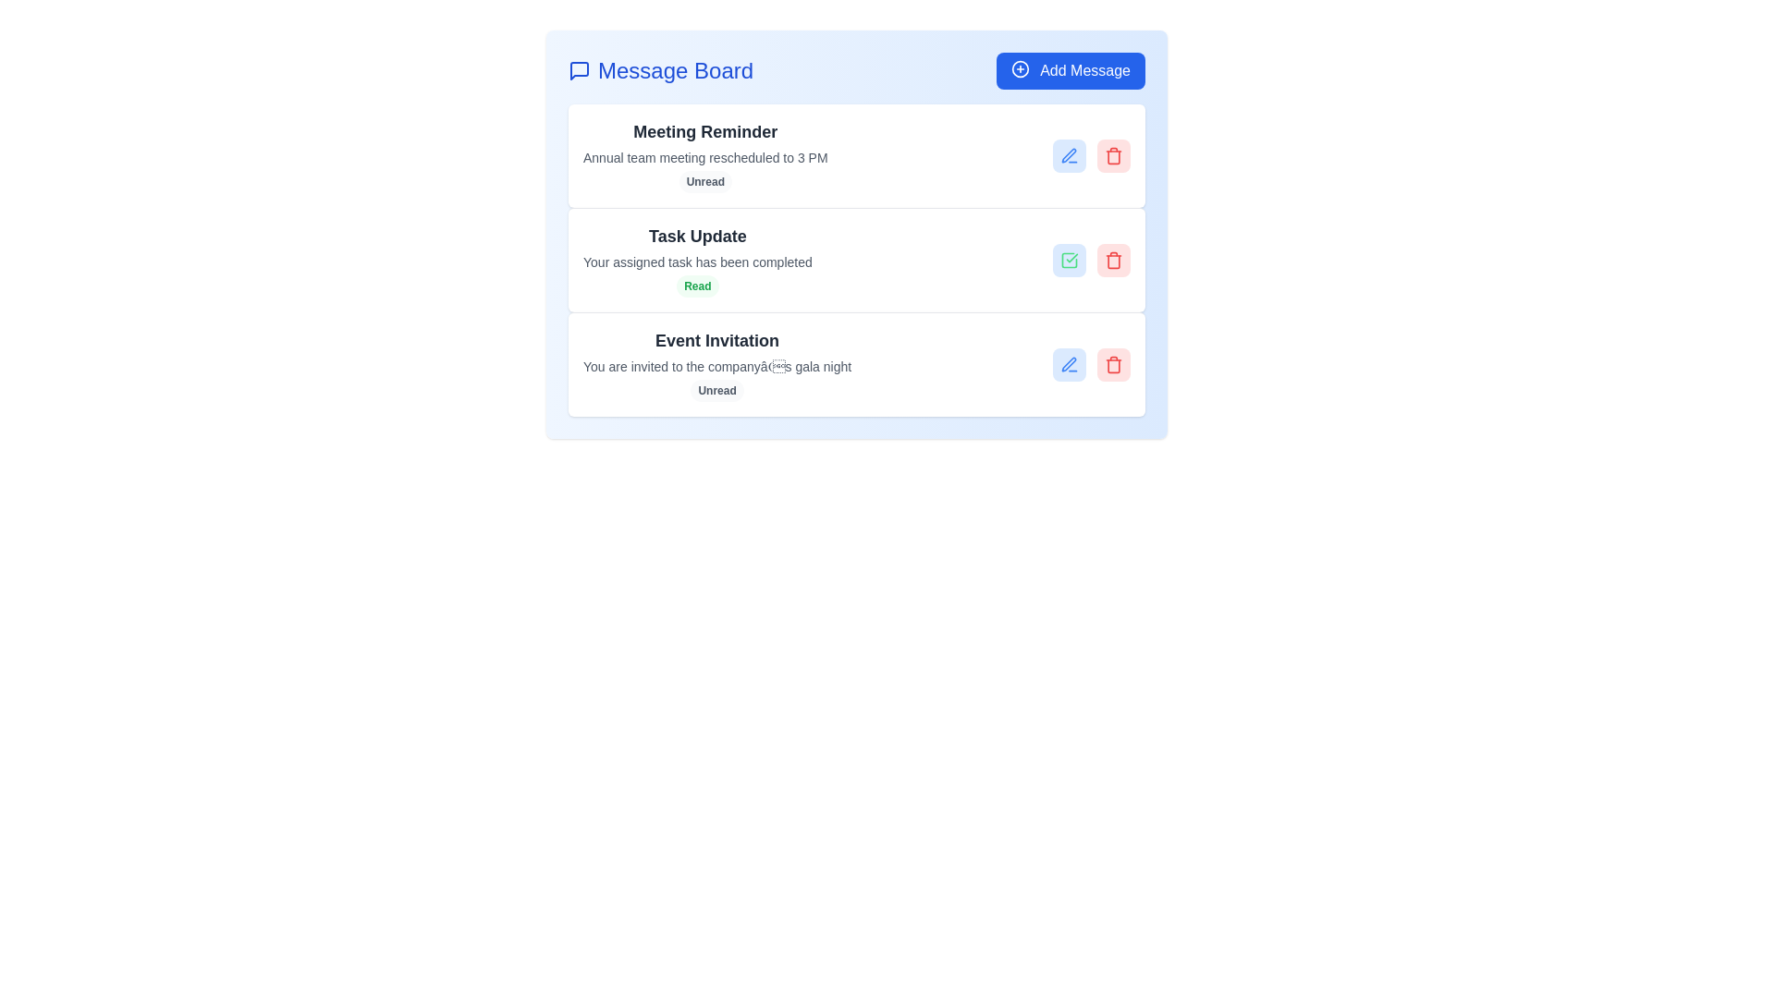  What do you see at coordinates (704, 181) in the screenshot?
I see `the Status Tag Label that indicates the message status as 'unread', located to the left of the action buttons and below the 'Meeting Reminder' title` at bounding box center [704, 181].